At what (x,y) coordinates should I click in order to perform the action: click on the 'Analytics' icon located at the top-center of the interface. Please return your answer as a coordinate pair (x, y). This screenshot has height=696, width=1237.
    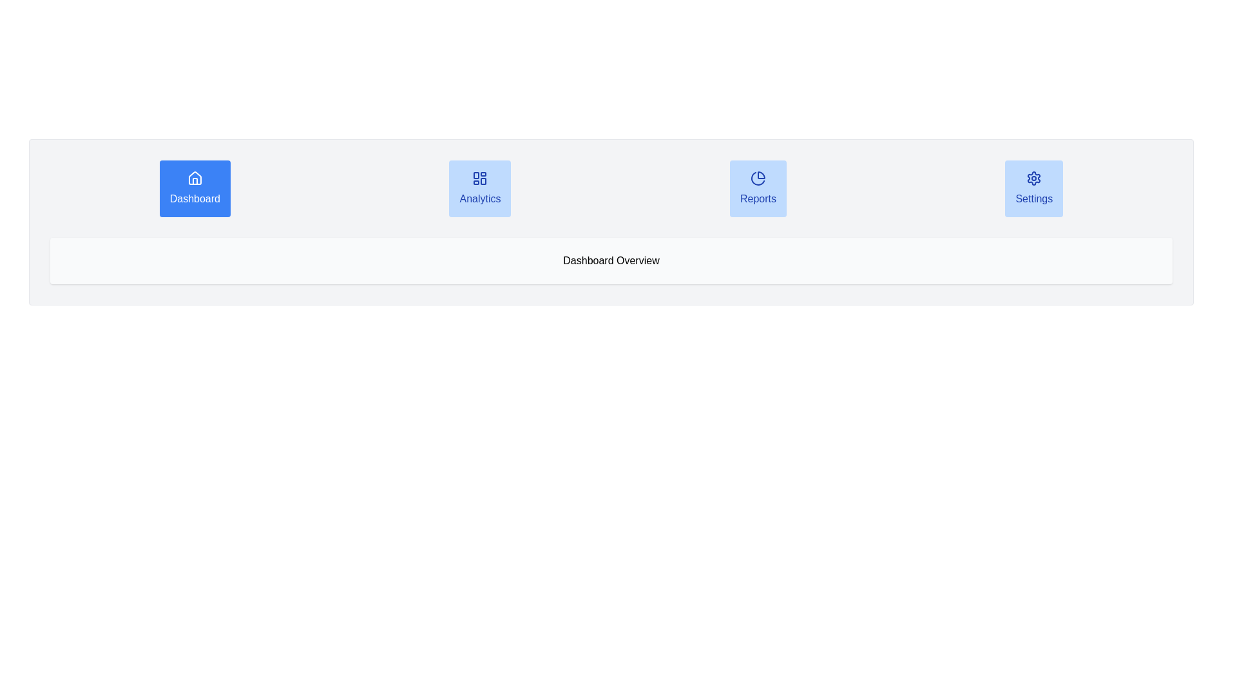
    Looking at the image, I should click on (479, 179).